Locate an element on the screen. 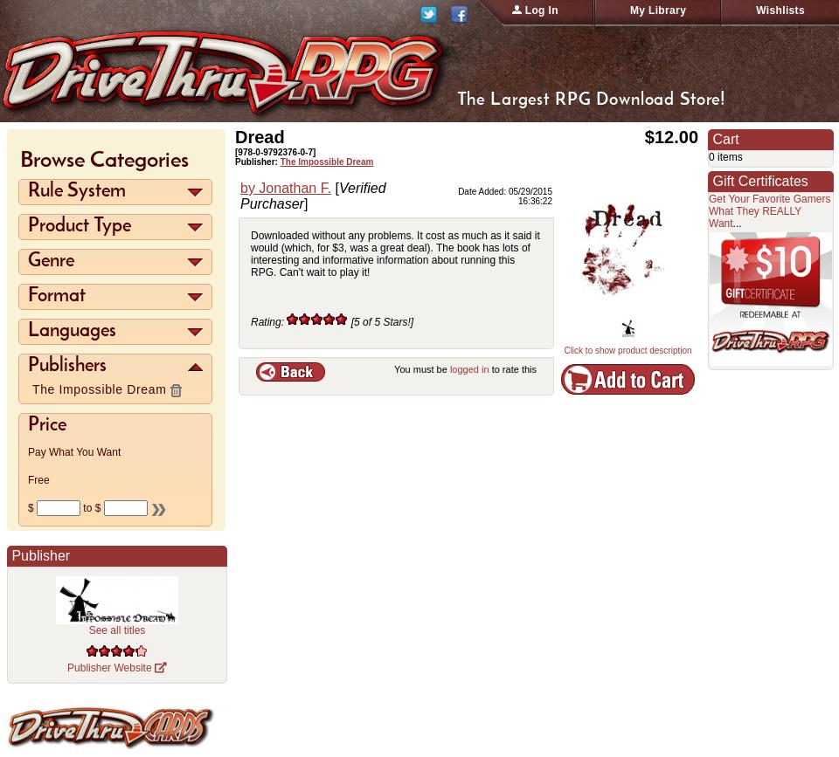 The height and width of the screenshot is (757, 839). '0 items' is located at coordinates (725, 156).